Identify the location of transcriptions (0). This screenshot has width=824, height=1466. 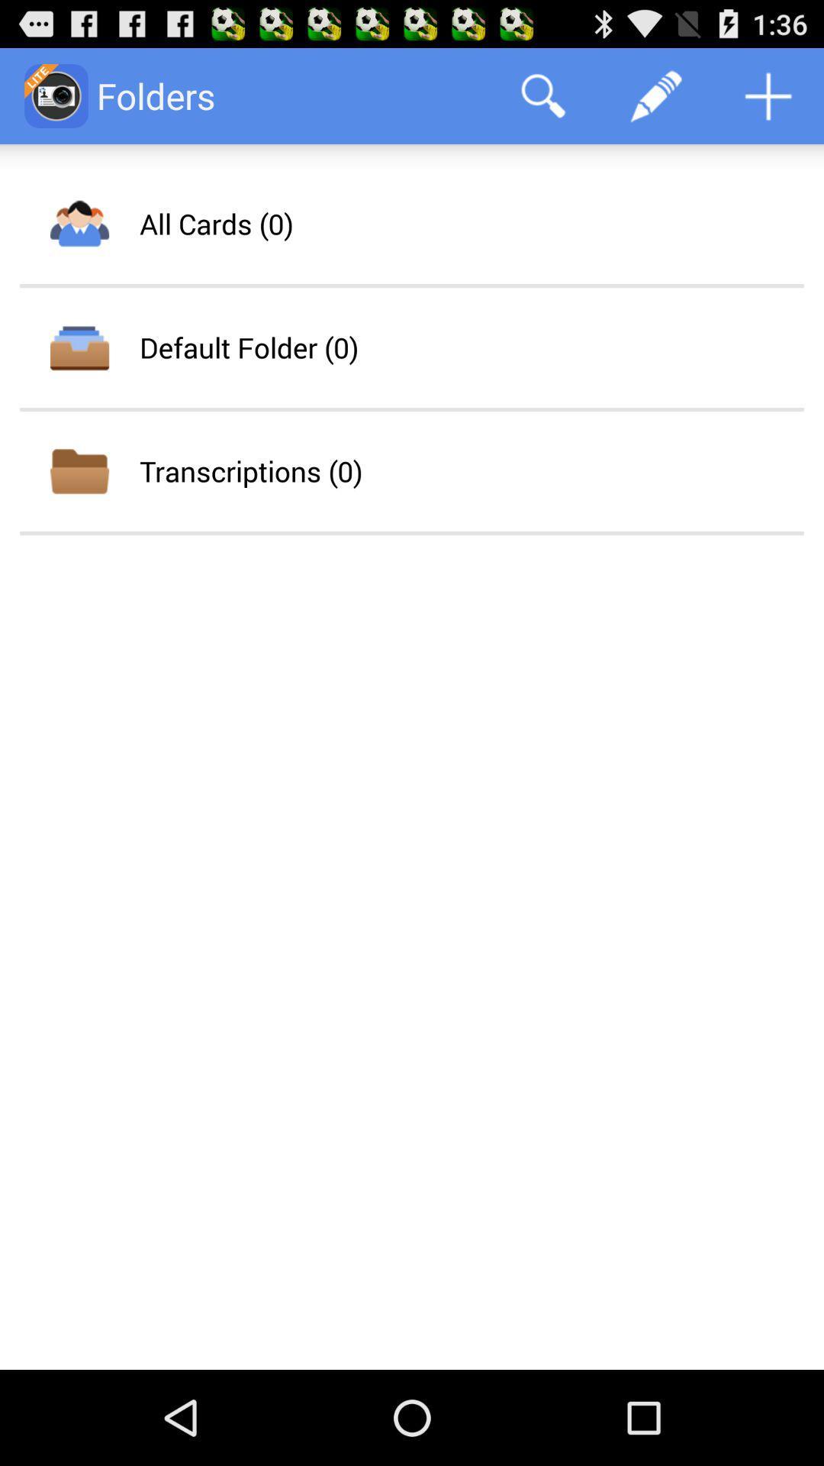
(250, 470).